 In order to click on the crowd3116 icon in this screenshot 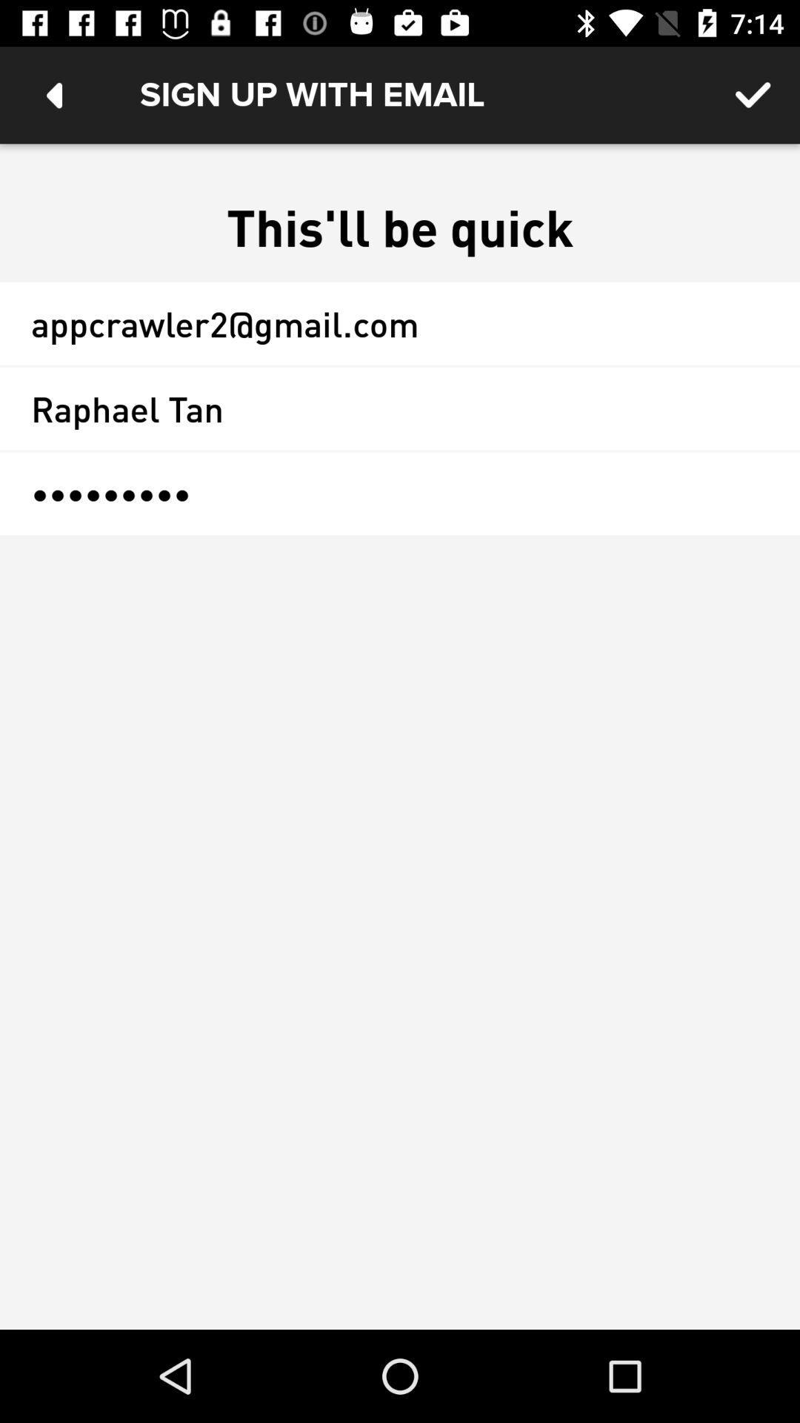, I will do `click(400, 494)`.